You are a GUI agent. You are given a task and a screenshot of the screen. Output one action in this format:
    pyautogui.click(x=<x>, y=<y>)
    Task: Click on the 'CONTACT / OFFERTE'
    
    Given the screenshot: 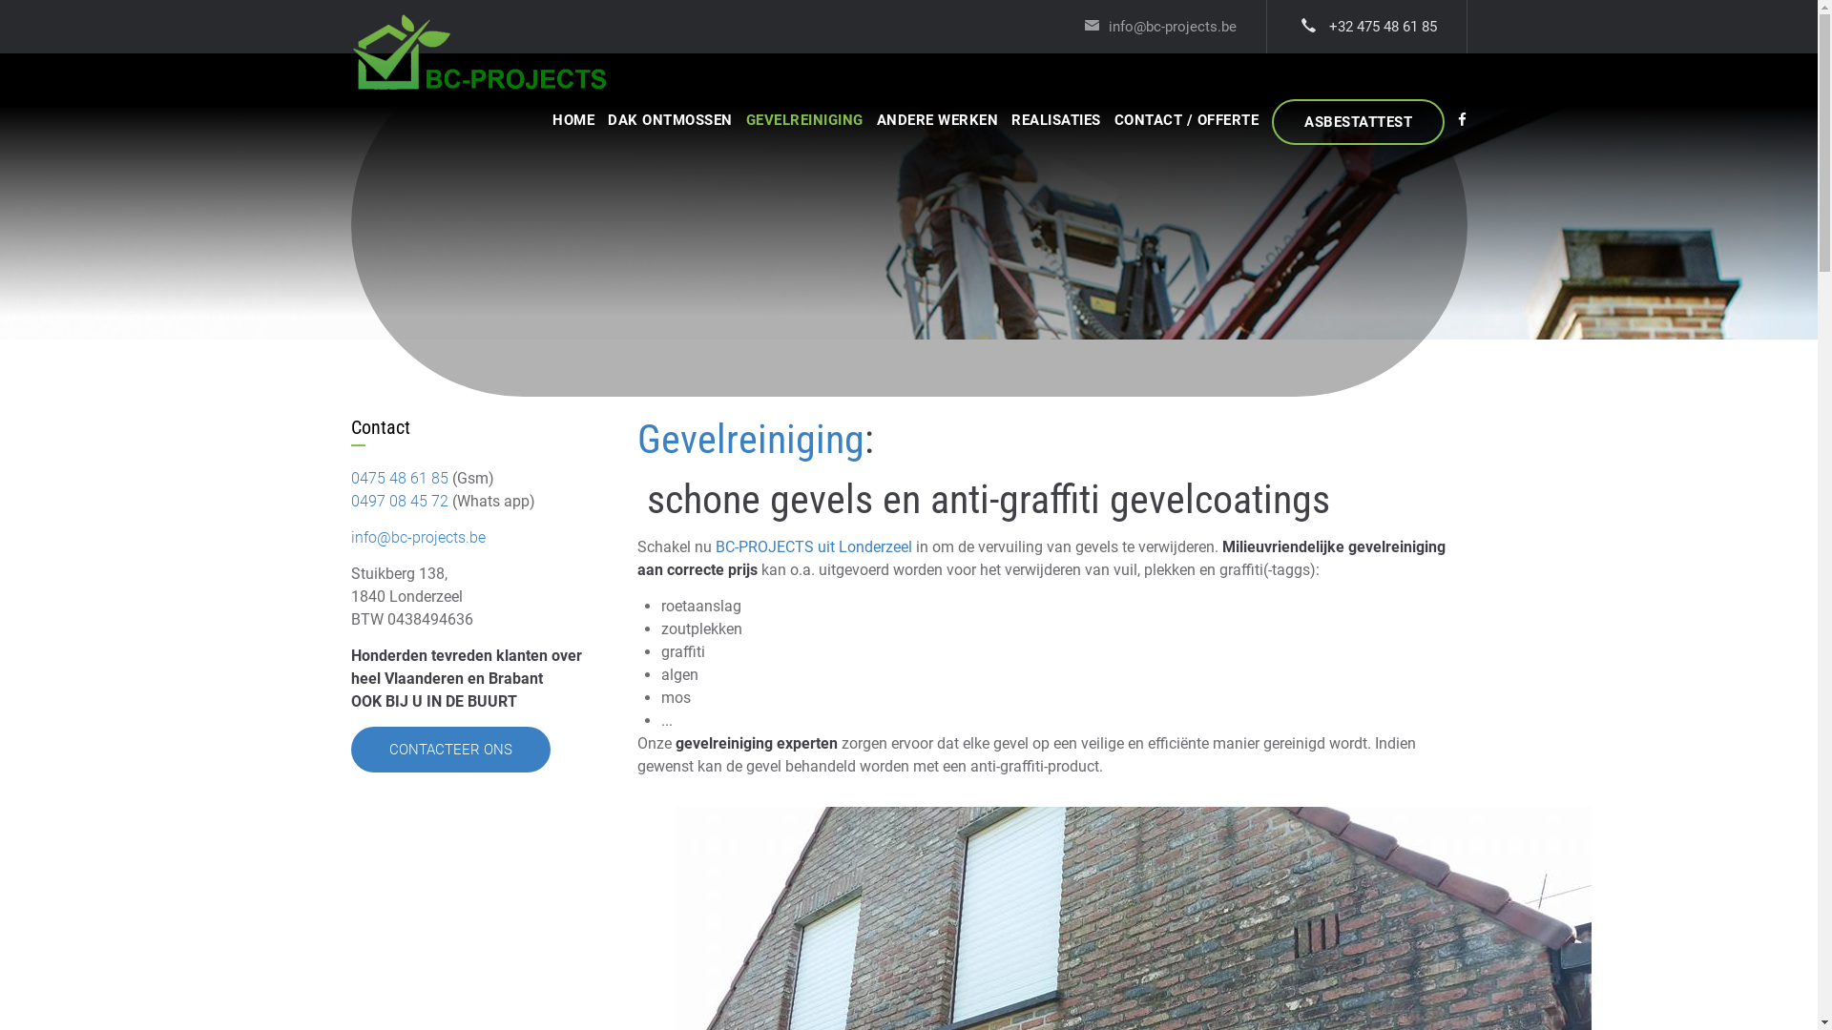 What is the action you would take?
    pyautogui.click(x=1185, y=121)
    